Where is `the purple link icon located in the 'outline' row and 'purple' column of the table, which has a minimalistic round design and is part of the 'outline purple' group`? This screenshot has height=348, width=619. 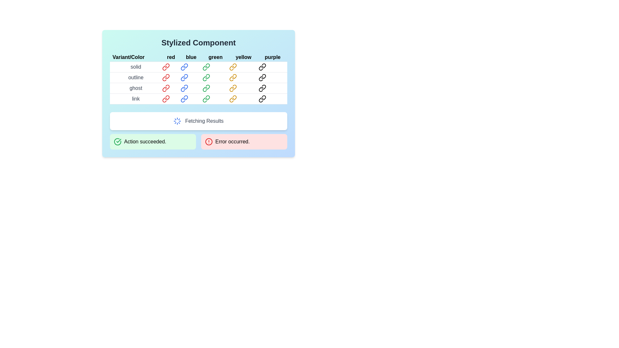 the purple link icon located in the 'outline' row and 'purple' column of the table, which has a minimalistic round design and is part of the 'outline purple' group is located at coordinates (262, 77).